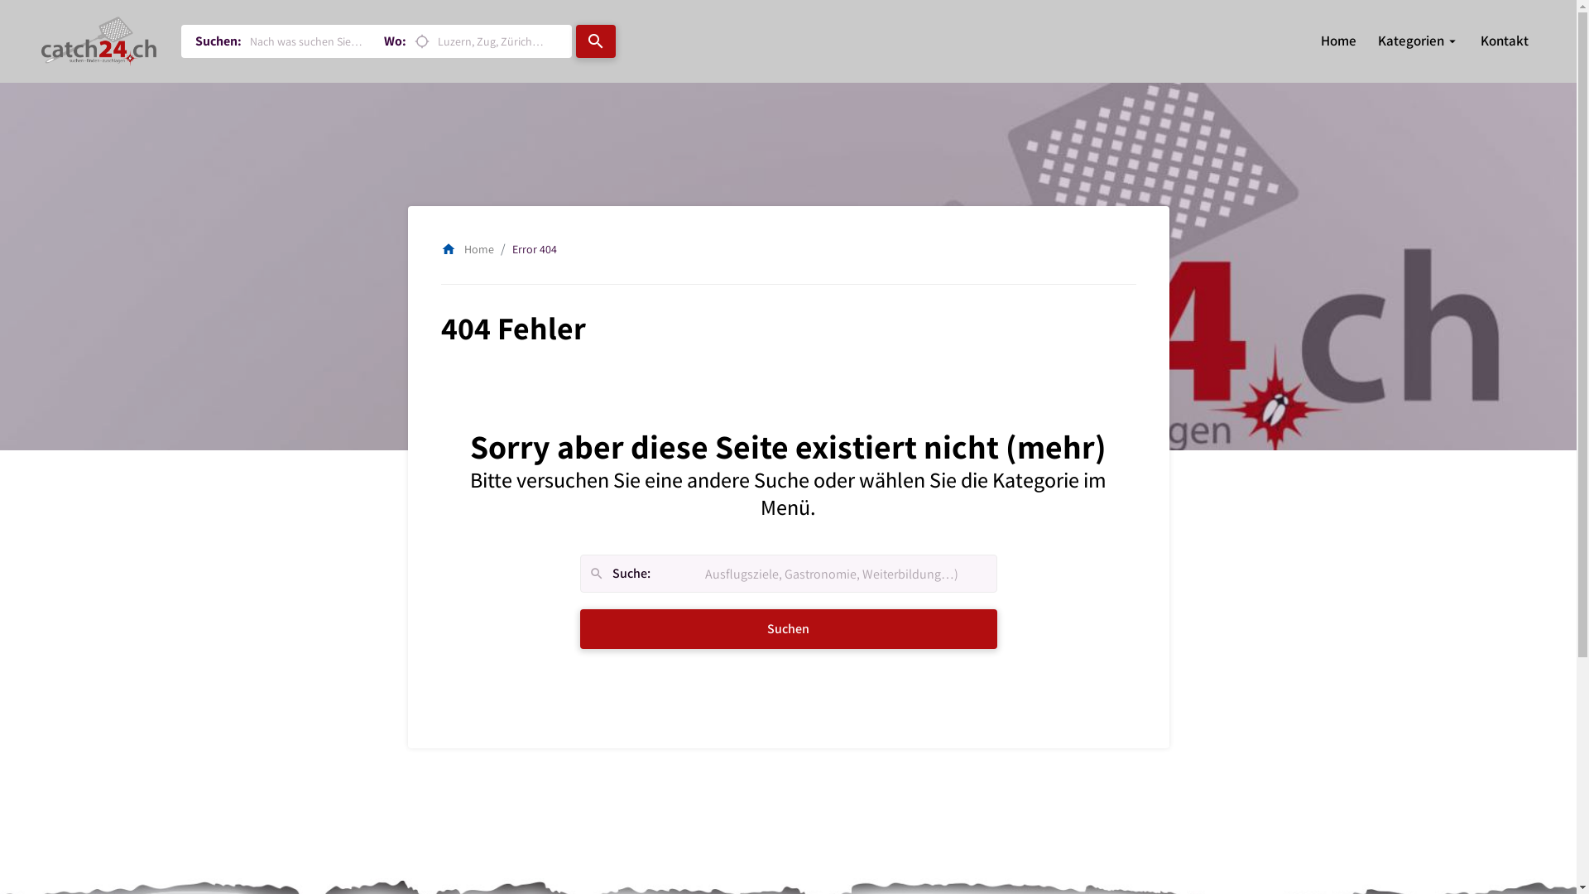 The height and width of the screenshot is (894, 1589). What do you see at coordinates (511, 248) in the screenshot?
I see `'Error 404'` at bounding box center [511, 248].